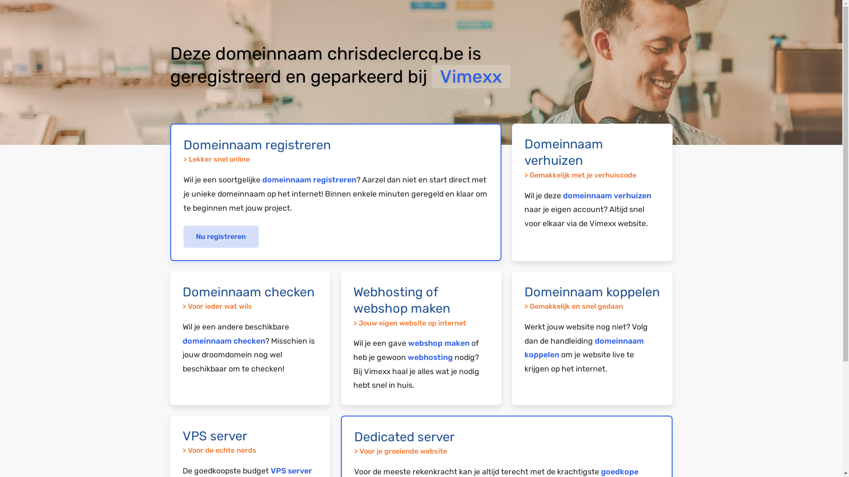 The height and width of the screenshot is (477, 849). Describe the element at coordinates (430, 357) in the screenshot. I see `'webhosting'` at that location.